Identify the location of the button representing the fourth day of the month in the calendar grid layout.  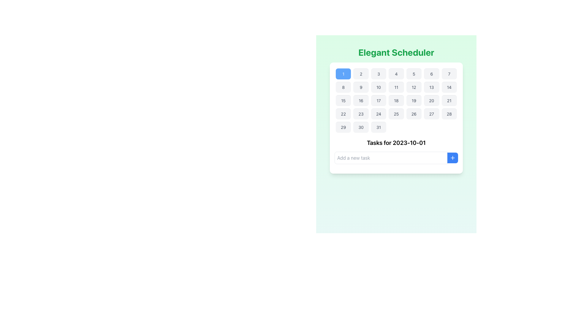
(396, 73).